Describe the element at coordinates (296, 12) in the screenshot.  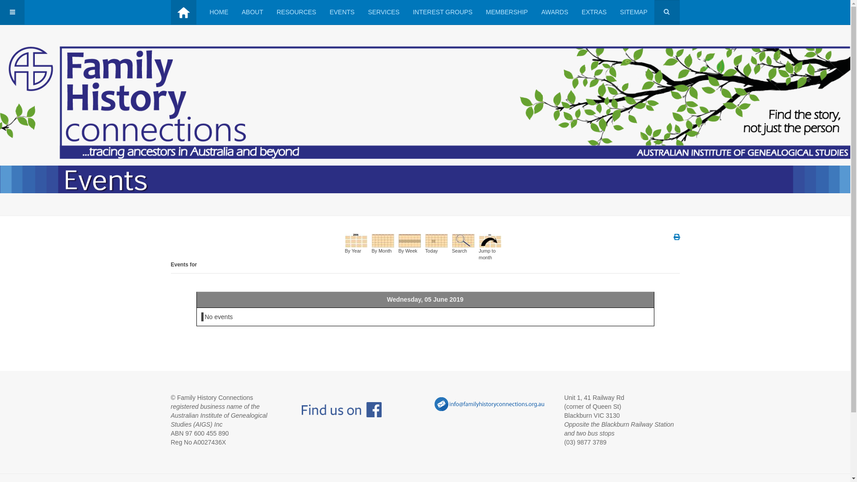
I see `'RESOURCES'` at that location.